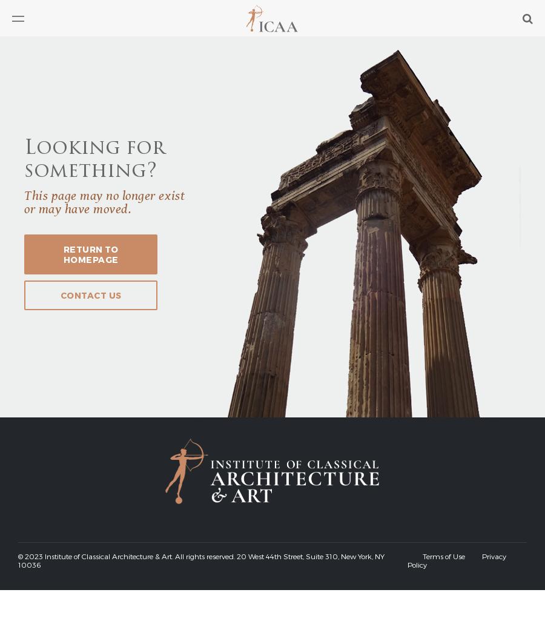  I want to click on 'Videos', so click(26, 98).